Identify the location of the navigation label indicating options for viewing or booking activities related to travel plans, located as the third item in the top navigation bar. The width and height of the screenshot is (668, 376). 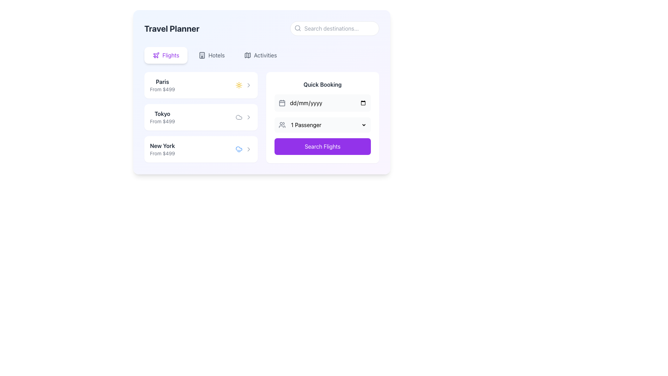
(265, 55).